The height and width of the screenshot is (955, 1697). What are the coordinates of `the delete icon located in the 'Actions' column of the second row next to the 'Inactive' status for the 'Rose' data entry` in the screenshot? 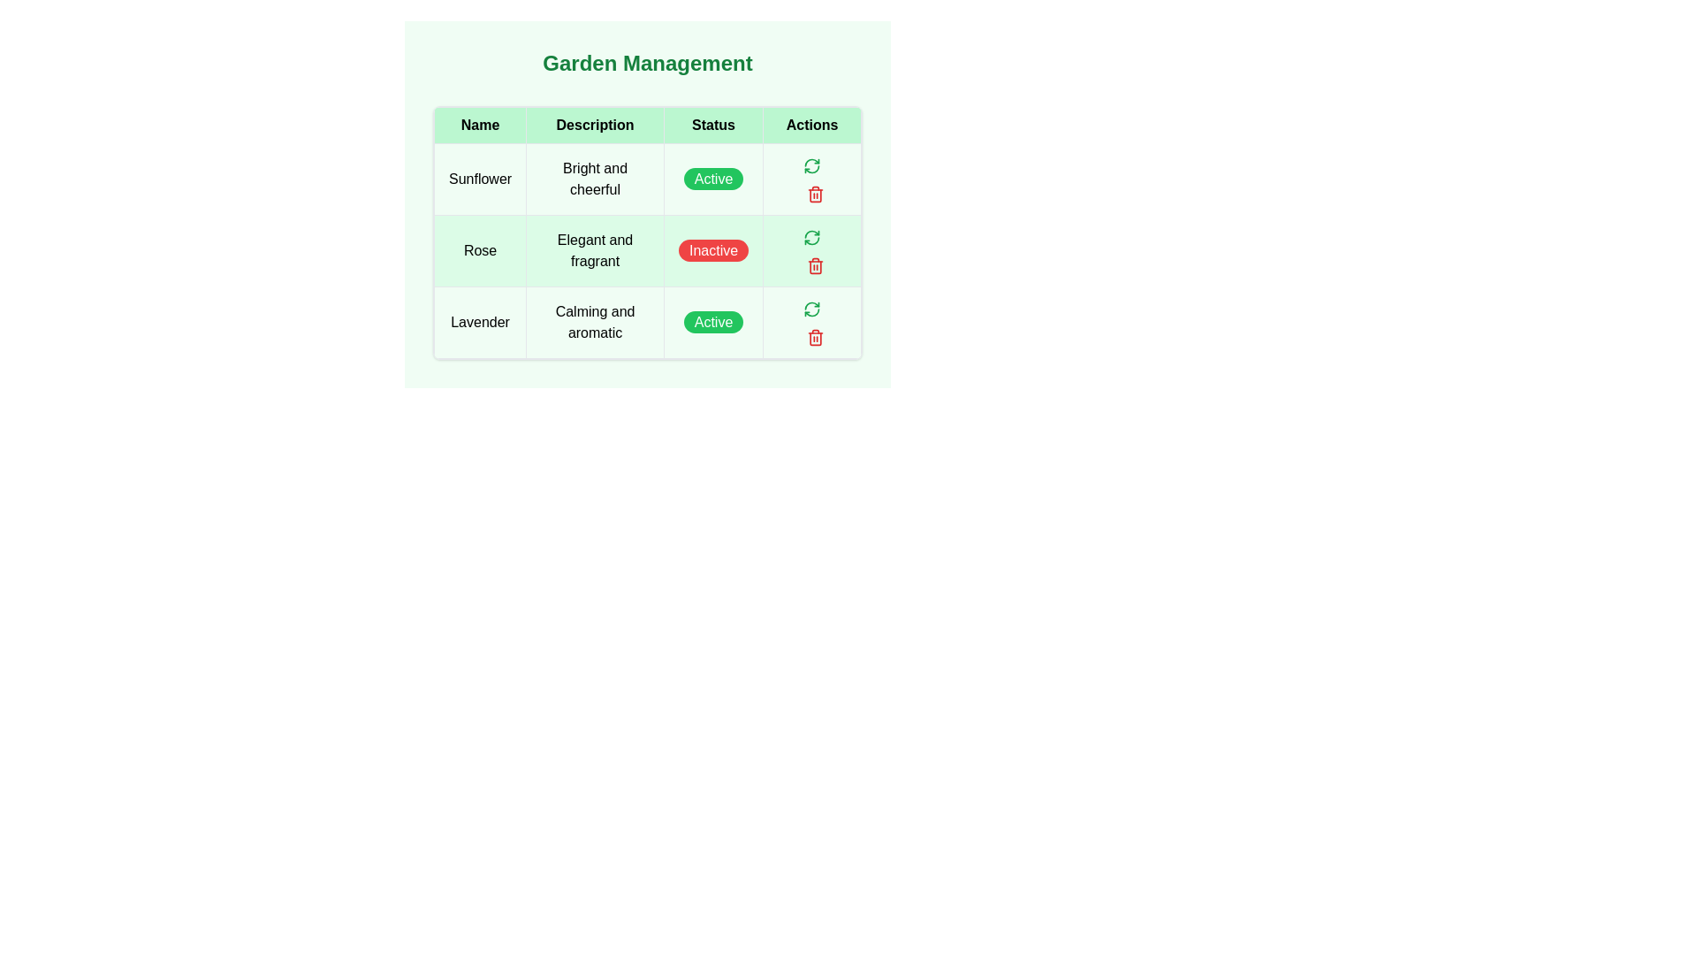 It's located at (815, 265).